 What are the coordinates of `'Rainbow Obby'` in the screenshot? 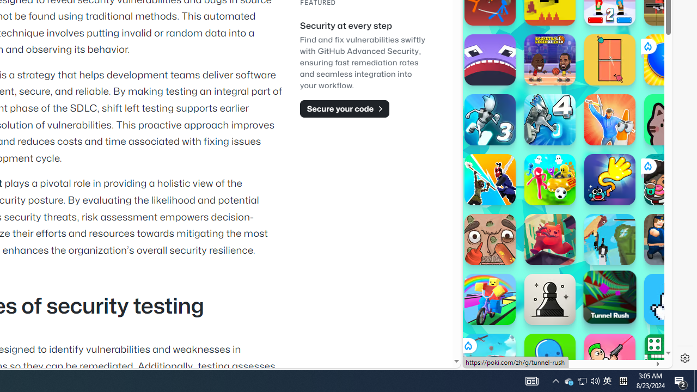 It's located at (489, 299).